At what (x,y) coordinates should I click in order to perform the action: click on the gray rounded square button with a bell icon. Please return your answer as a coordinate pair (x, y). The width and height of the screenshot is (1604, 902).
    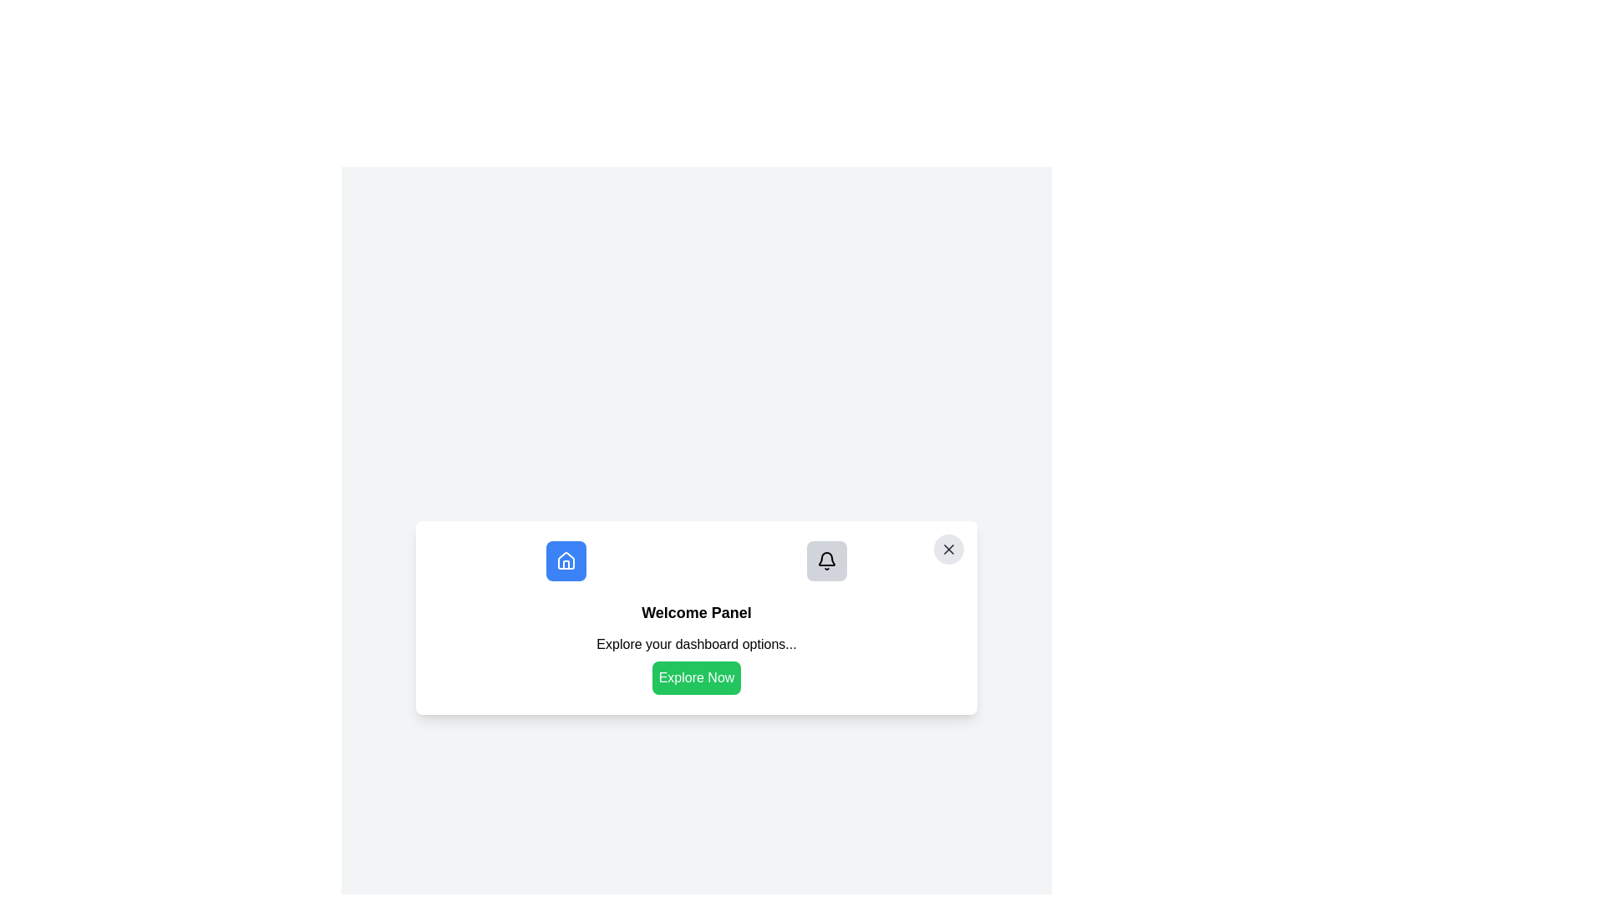
    Looking at the image, I should click on (826, 560).